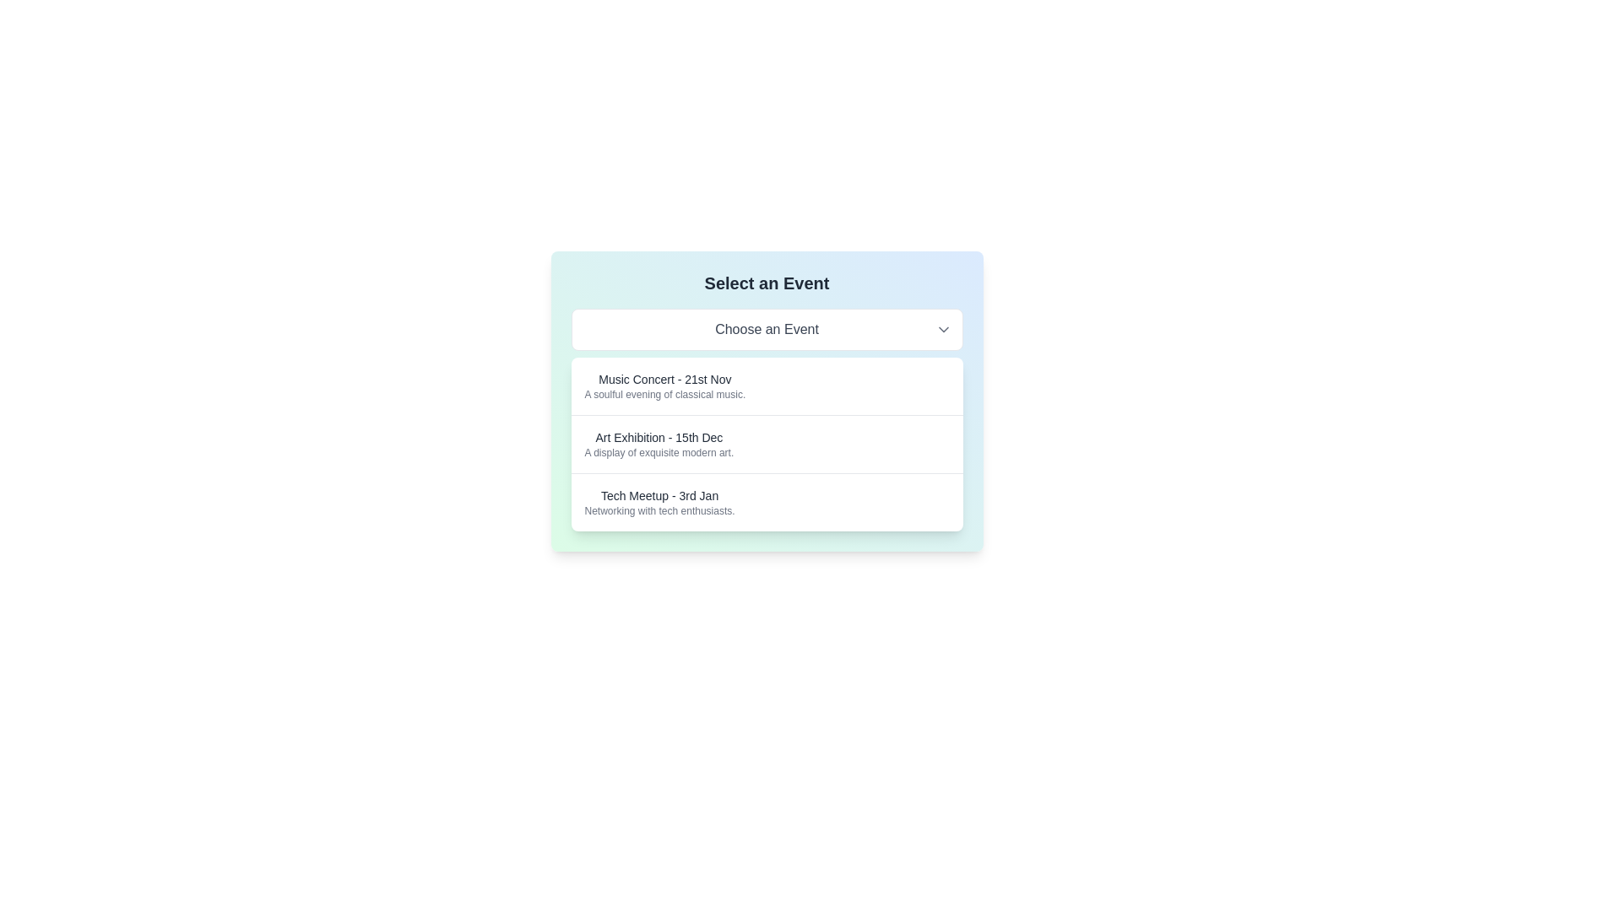 The image size is (1621, 911). What do you see at coordinates (664, 394) in the screenshot?
I see `text content of the second line under the title 'Music Concert - 21st Nov.' within the selection dropdown menu under the 'Select an Event' label` at bounding box center [664, 394].